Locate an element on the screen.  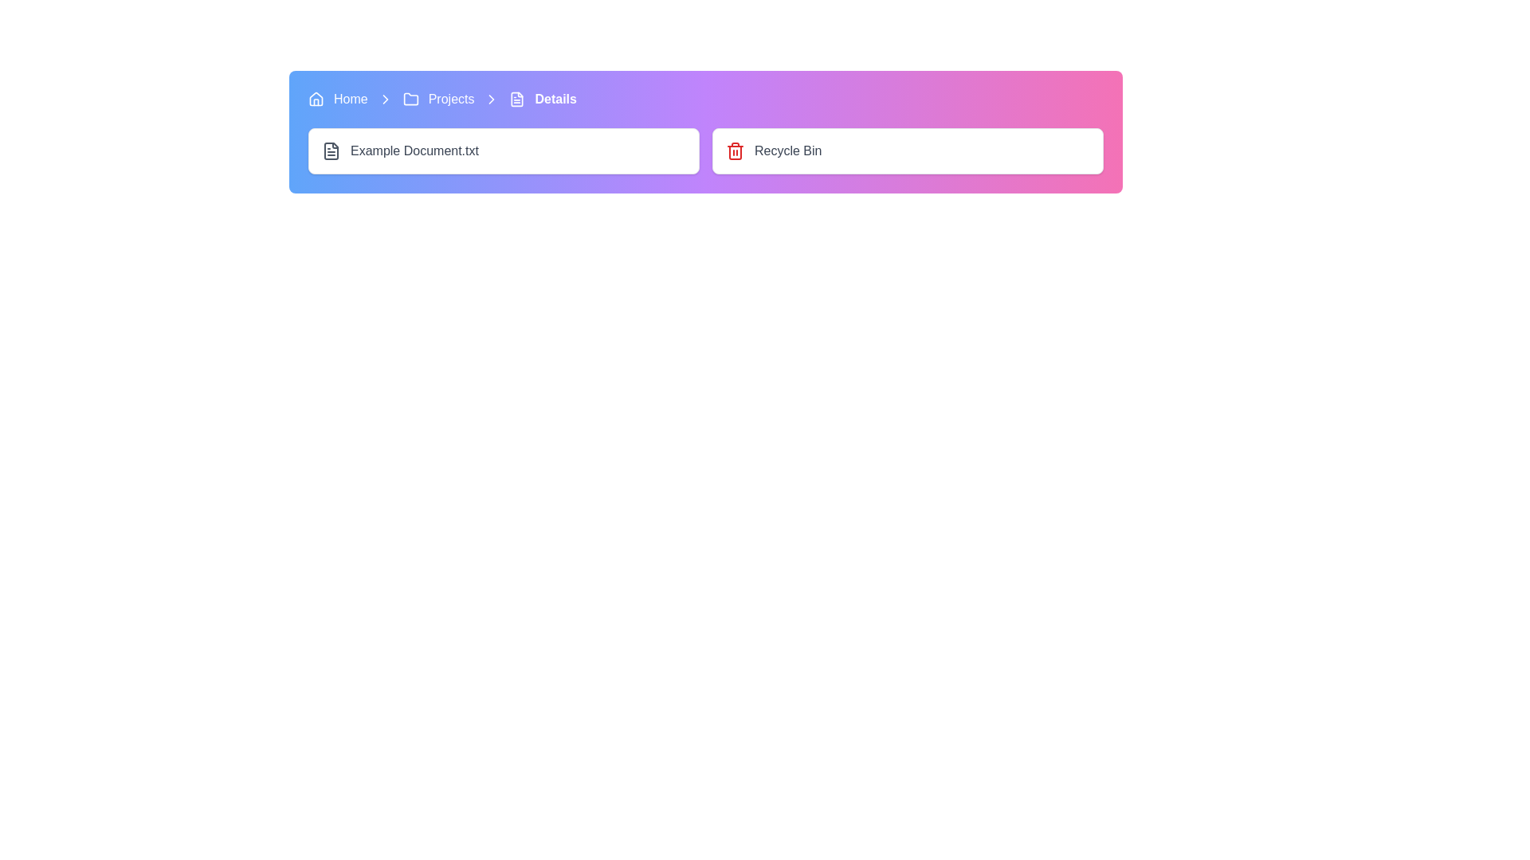
the small, right-pointing chevron icon styled in white located between the 'Home' text and the folder icon in the breadcrumb navigation bar is located at coordinates (385, 99).